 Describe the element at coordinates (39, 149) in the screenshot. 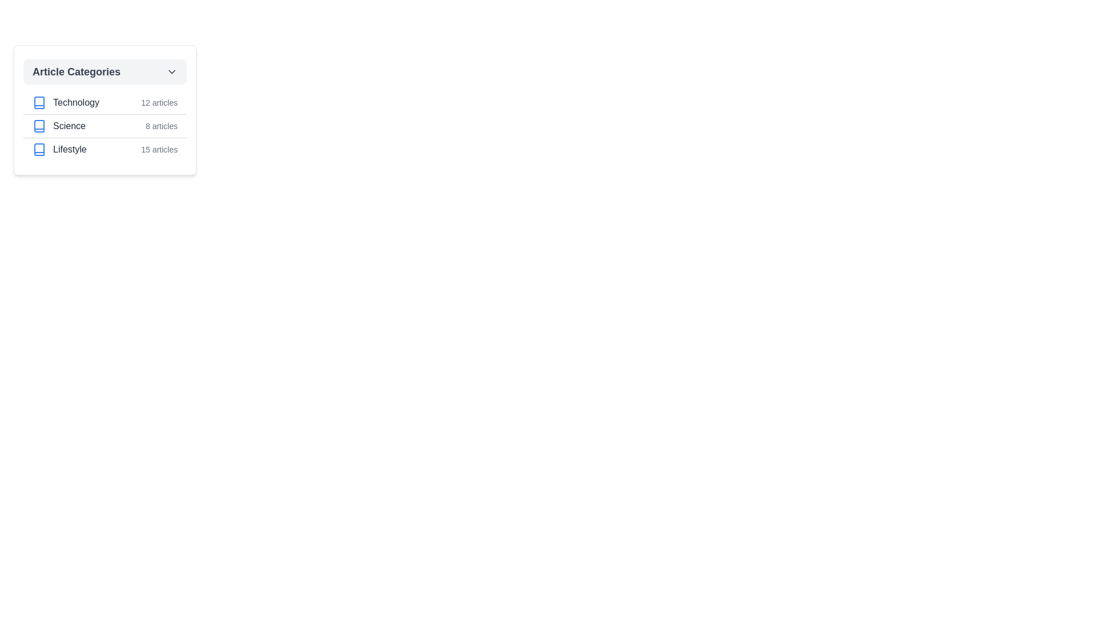

I see `the blue book icon representing the 'Lifestyle' category, located within the third list item labeled 'Lifestyle 15 articles.'` at that location.